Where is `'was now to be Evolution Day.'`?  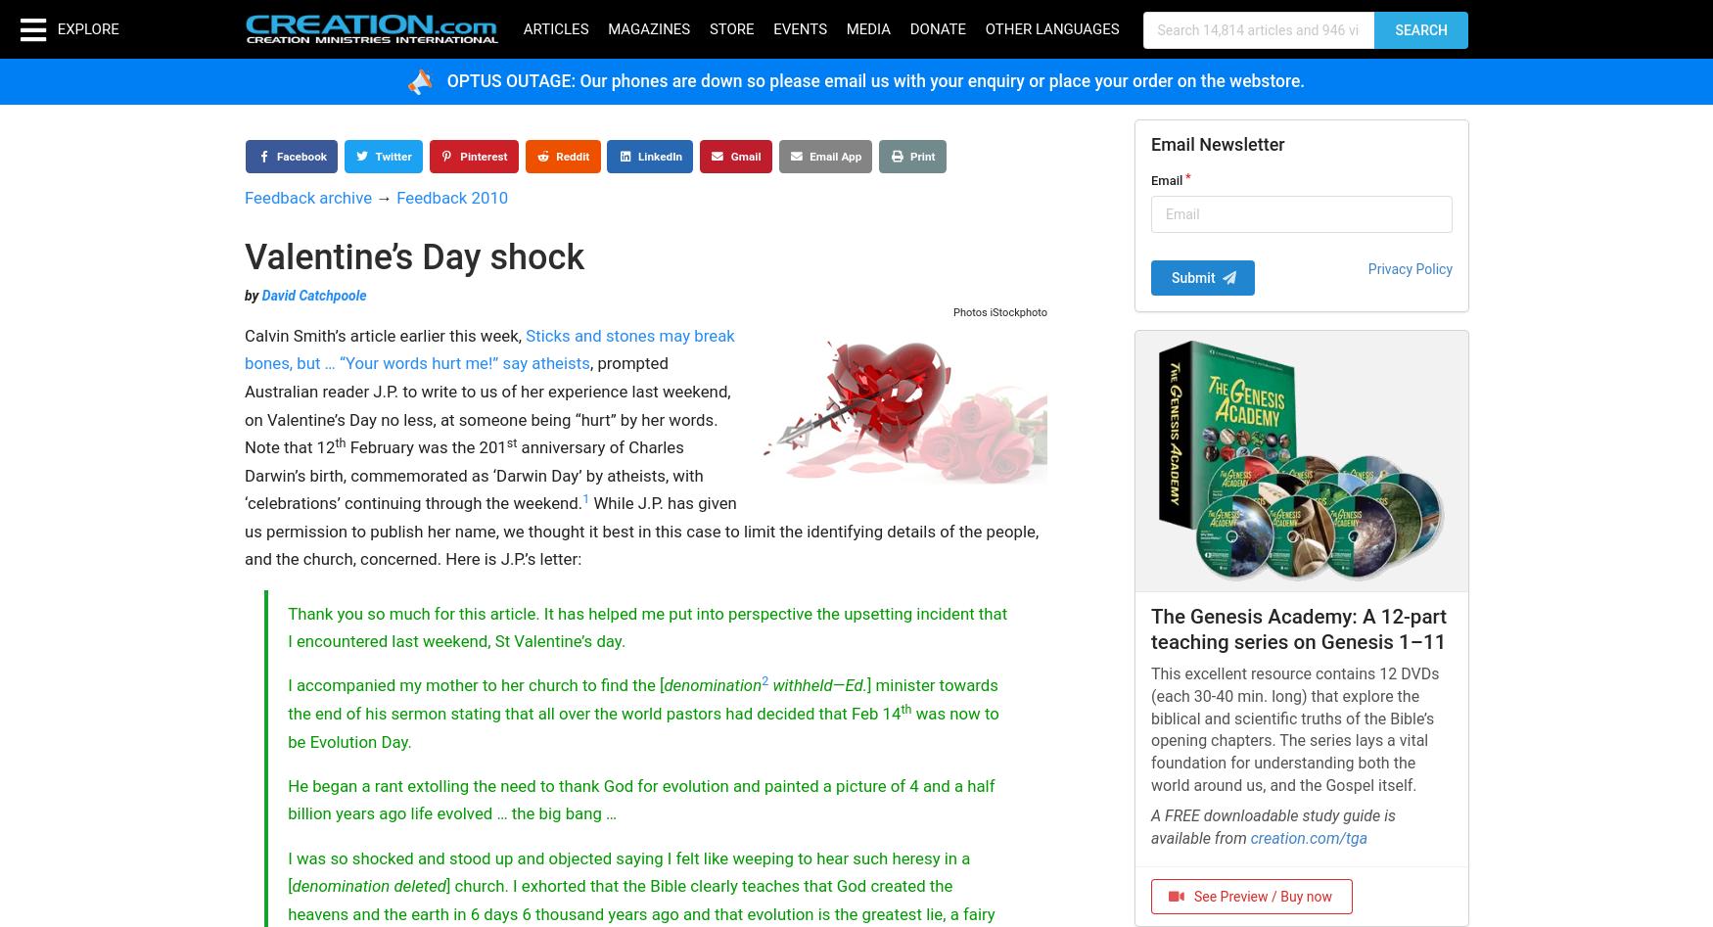 'was now to be Evolution Day.' is located at coordinates (641, 726).